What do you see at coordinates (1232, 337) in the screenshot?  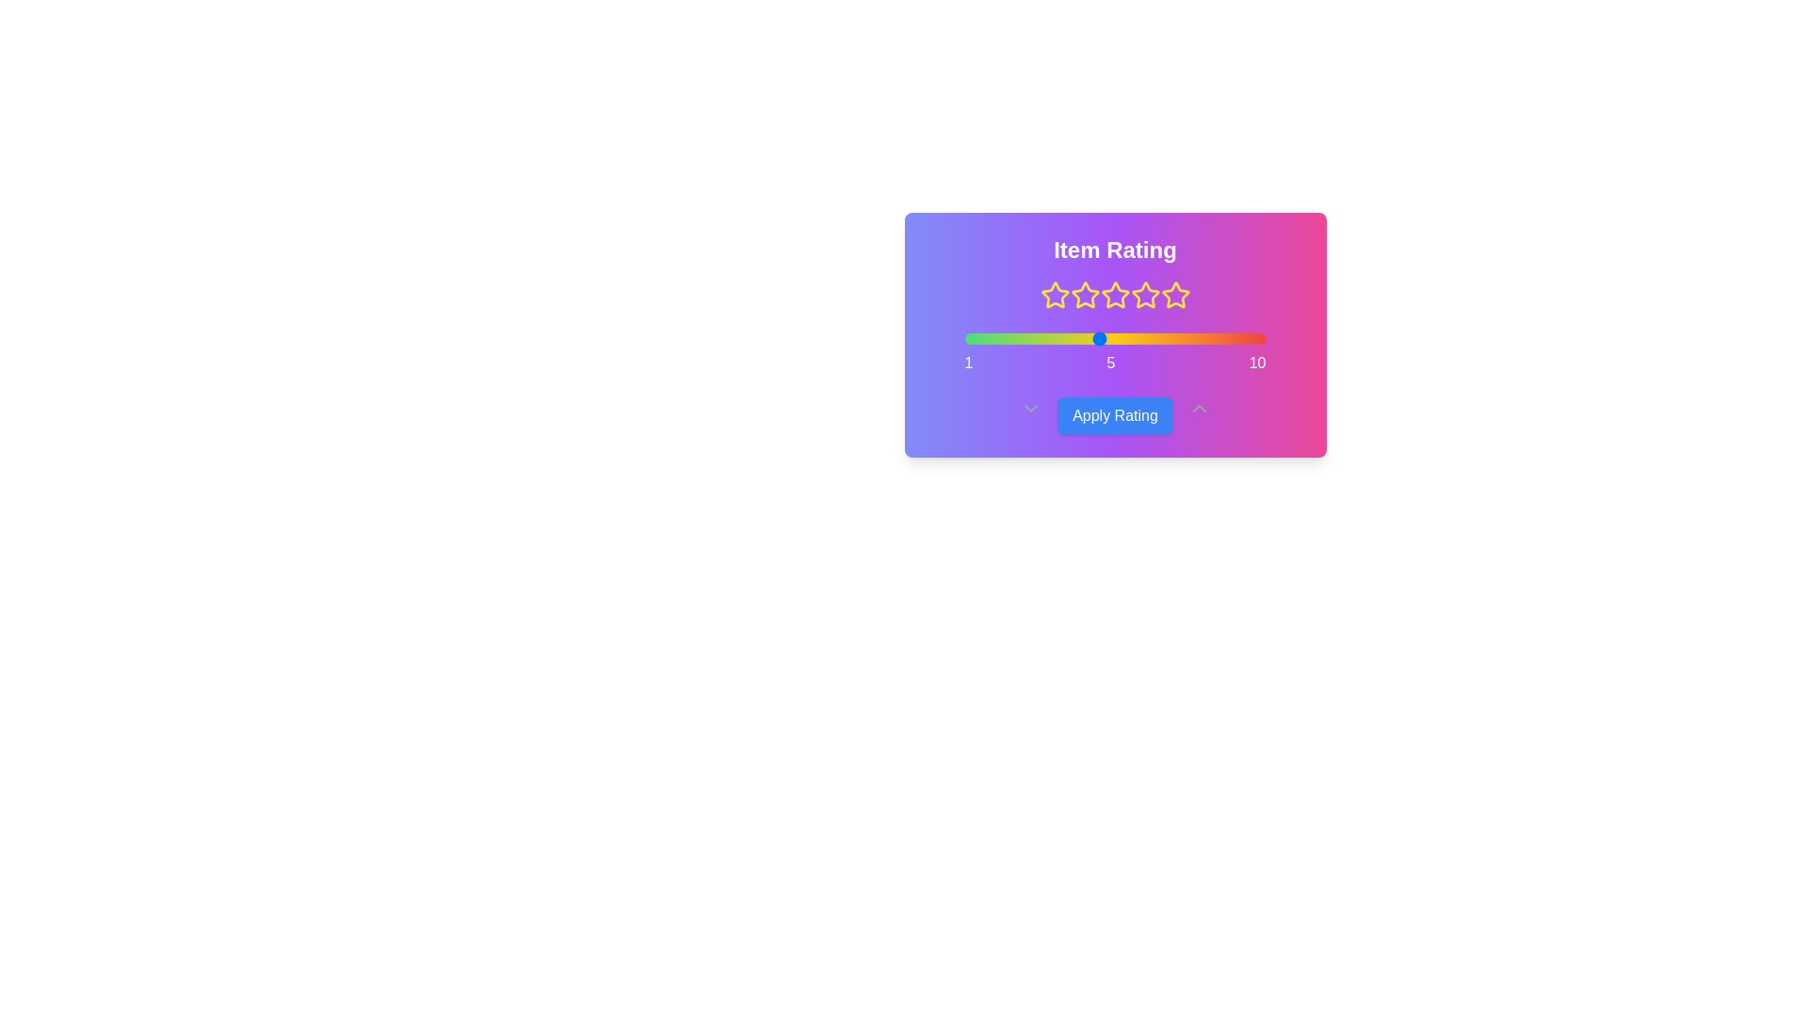 I see `the slider to set the rating to 9 within the range of 1 to 10` at bounding box center [1232, 337].